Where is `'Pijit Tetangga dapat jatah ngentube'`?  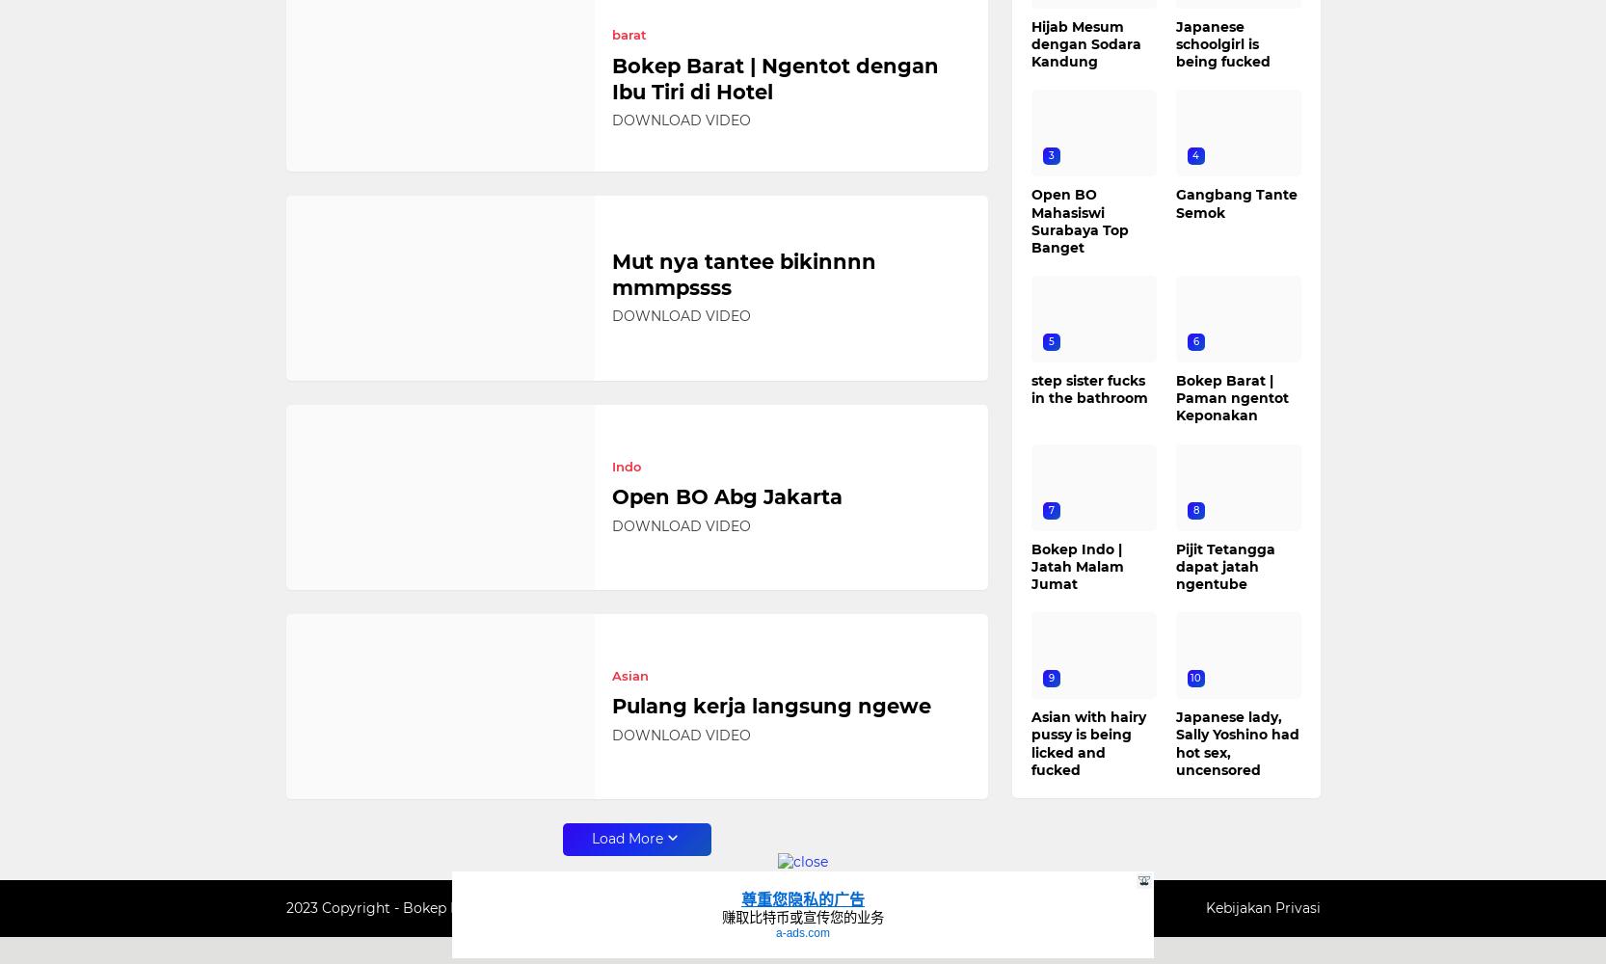
'Pijit Tetangga dapat jatah ngentube' is located at coordinates (1223, 565).